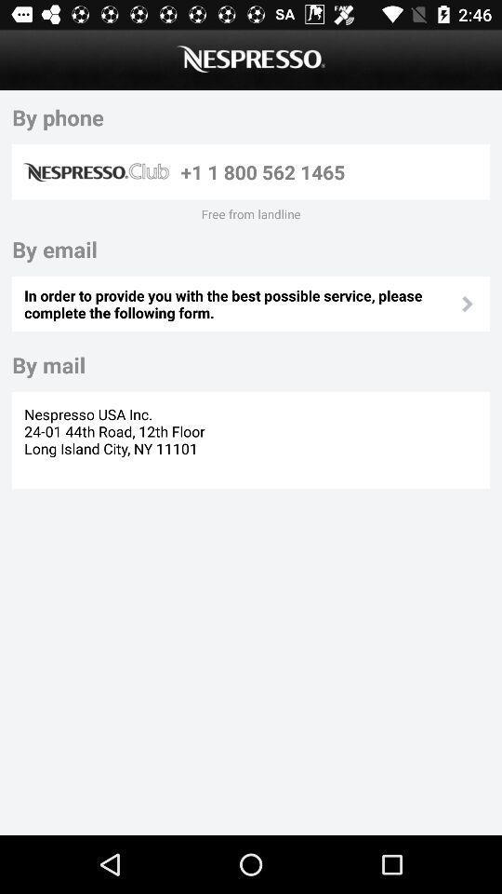 The image size is (502, 894). I want to click on icon at the center, so click(241, 304).